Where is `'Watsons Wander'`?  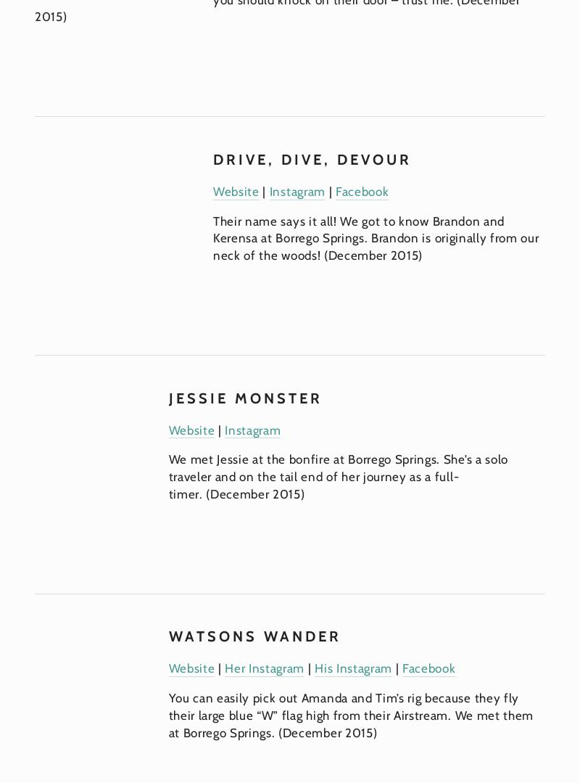 'Watsons Wander' is located at coordinates (167, 636).